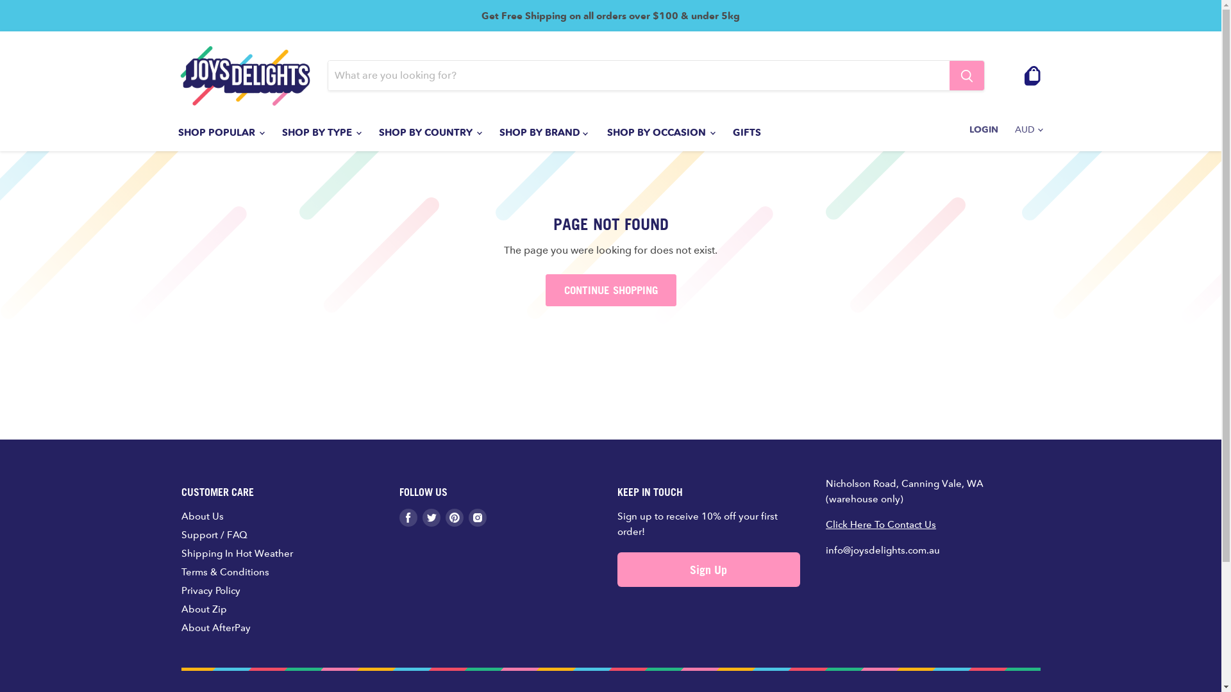 This screenshot has width=1231, height=692. What do you see at coordinates (609, 290) in the screenshot?
I see `'CONTINUE SHOPPING'` at bounding box center [609, 290].